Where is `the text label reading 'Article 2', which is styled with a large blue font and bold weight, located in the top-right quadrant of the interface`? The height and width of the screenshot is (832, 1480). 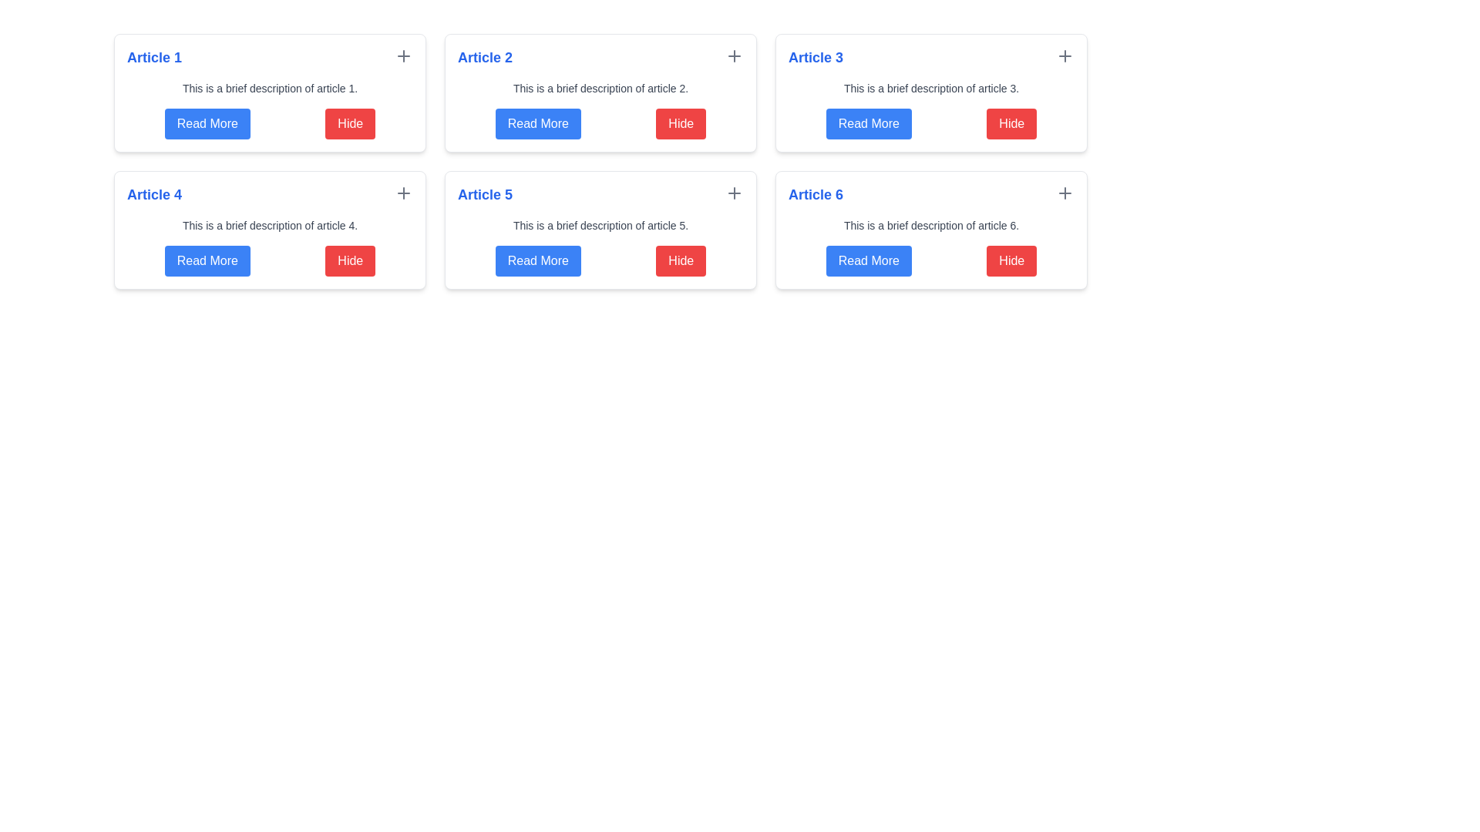
the text label reading 'Article 2', which is styled with a large blue font and bold weight, located in the top-right quadrant of the interface is located at coordinates (484, 56).